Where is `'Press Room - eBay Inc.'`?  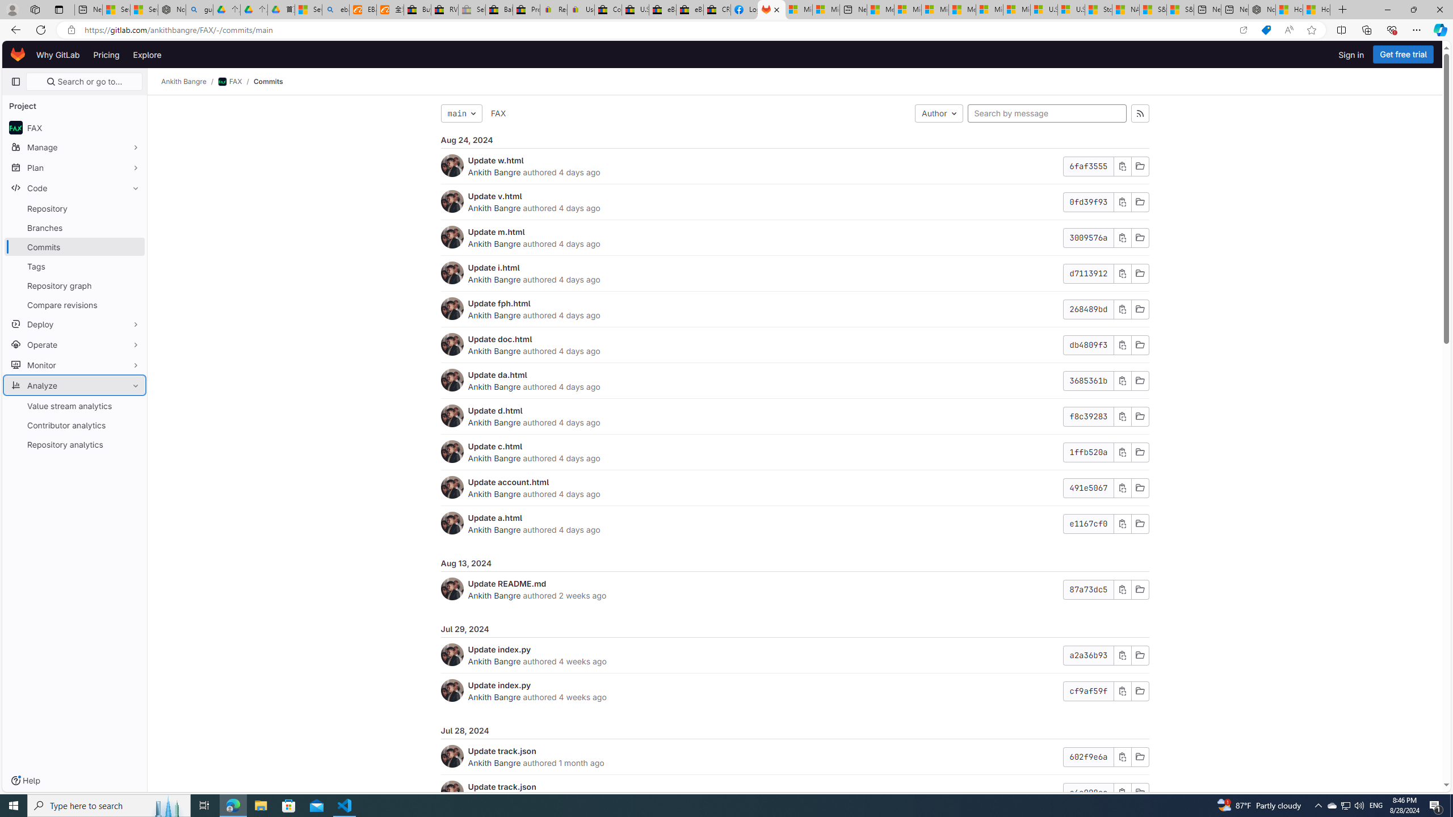 'Press Room - eBay Inc.' is located at coordinates (527, 9).